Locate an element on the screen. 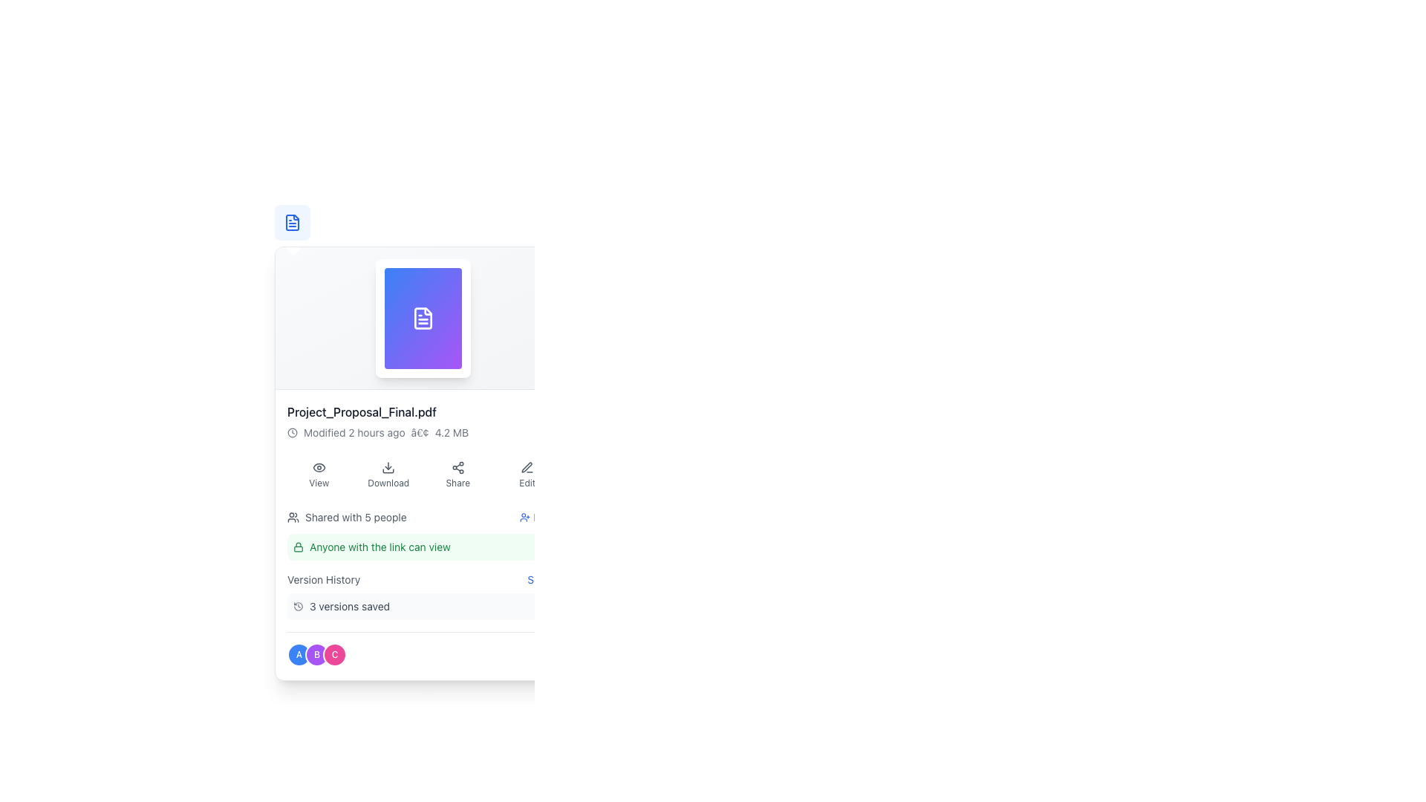 The width and height of the screenshot is (1426, 802). the share icon, which is represented by a gray share symbol with a central node and three extending lines, located in the Share button beneath the file information is located at coordinates (457, 466).